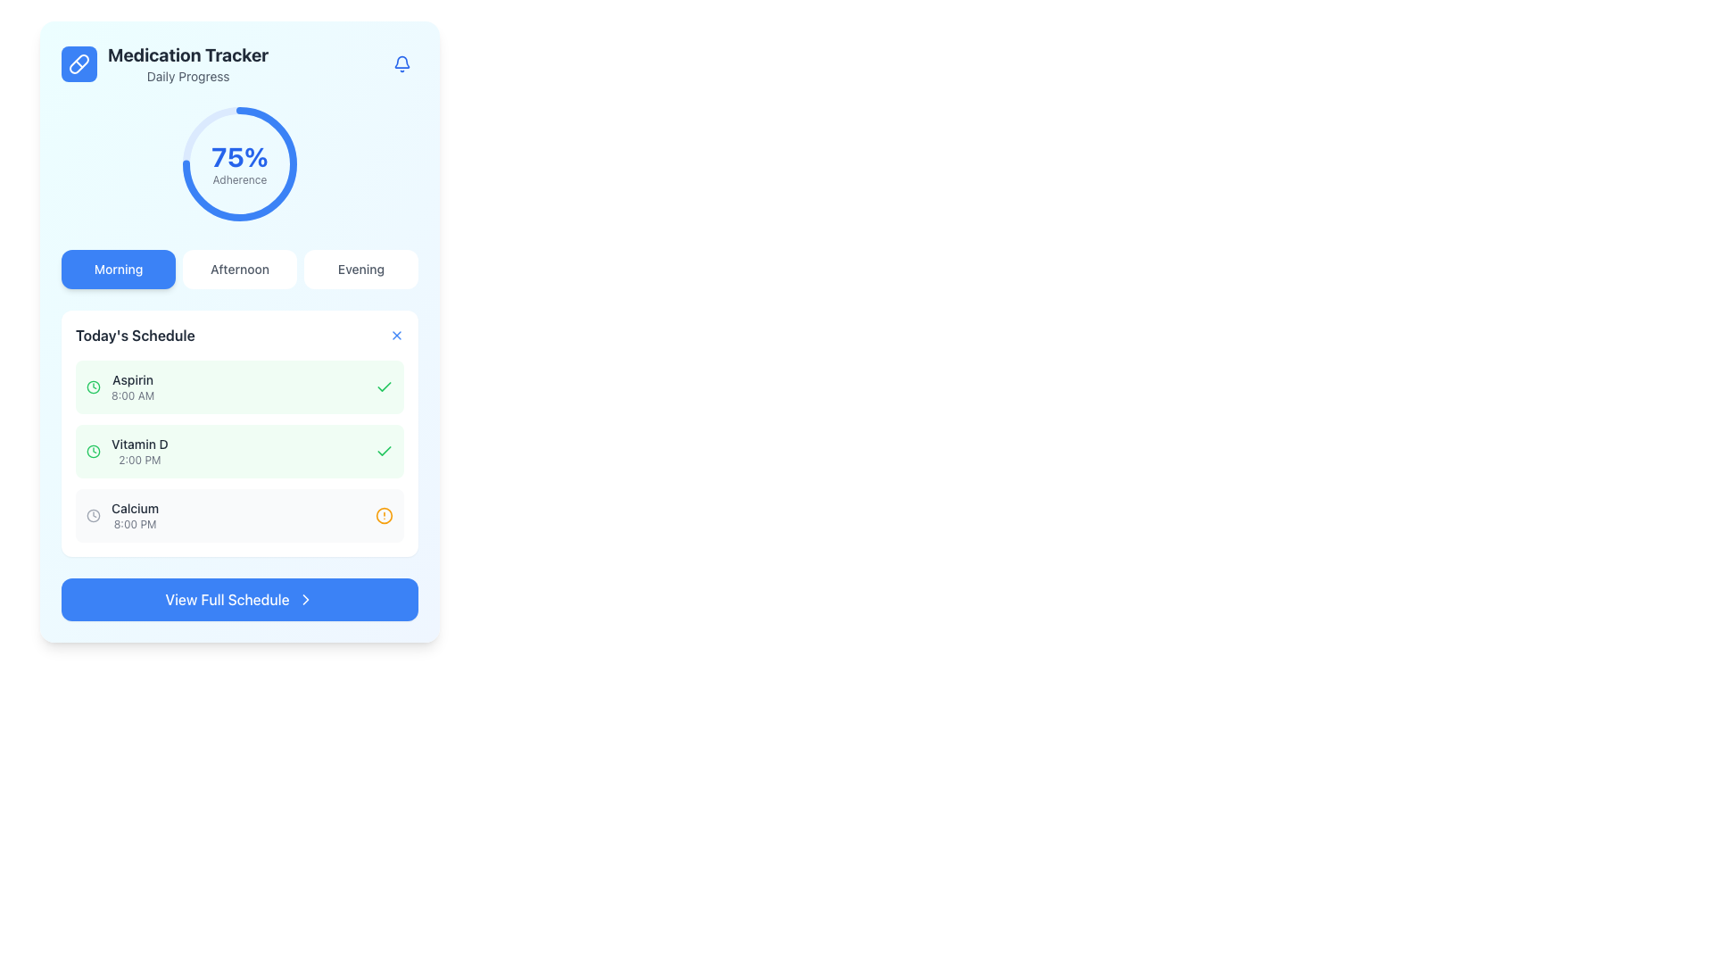 The image size is (1713, 964). I want to click on the Notification icon (SVG bell) located in the top-right corner of the 'Medication Tracker' card, which serves as a clickable region for alerts, so click(401, 63).